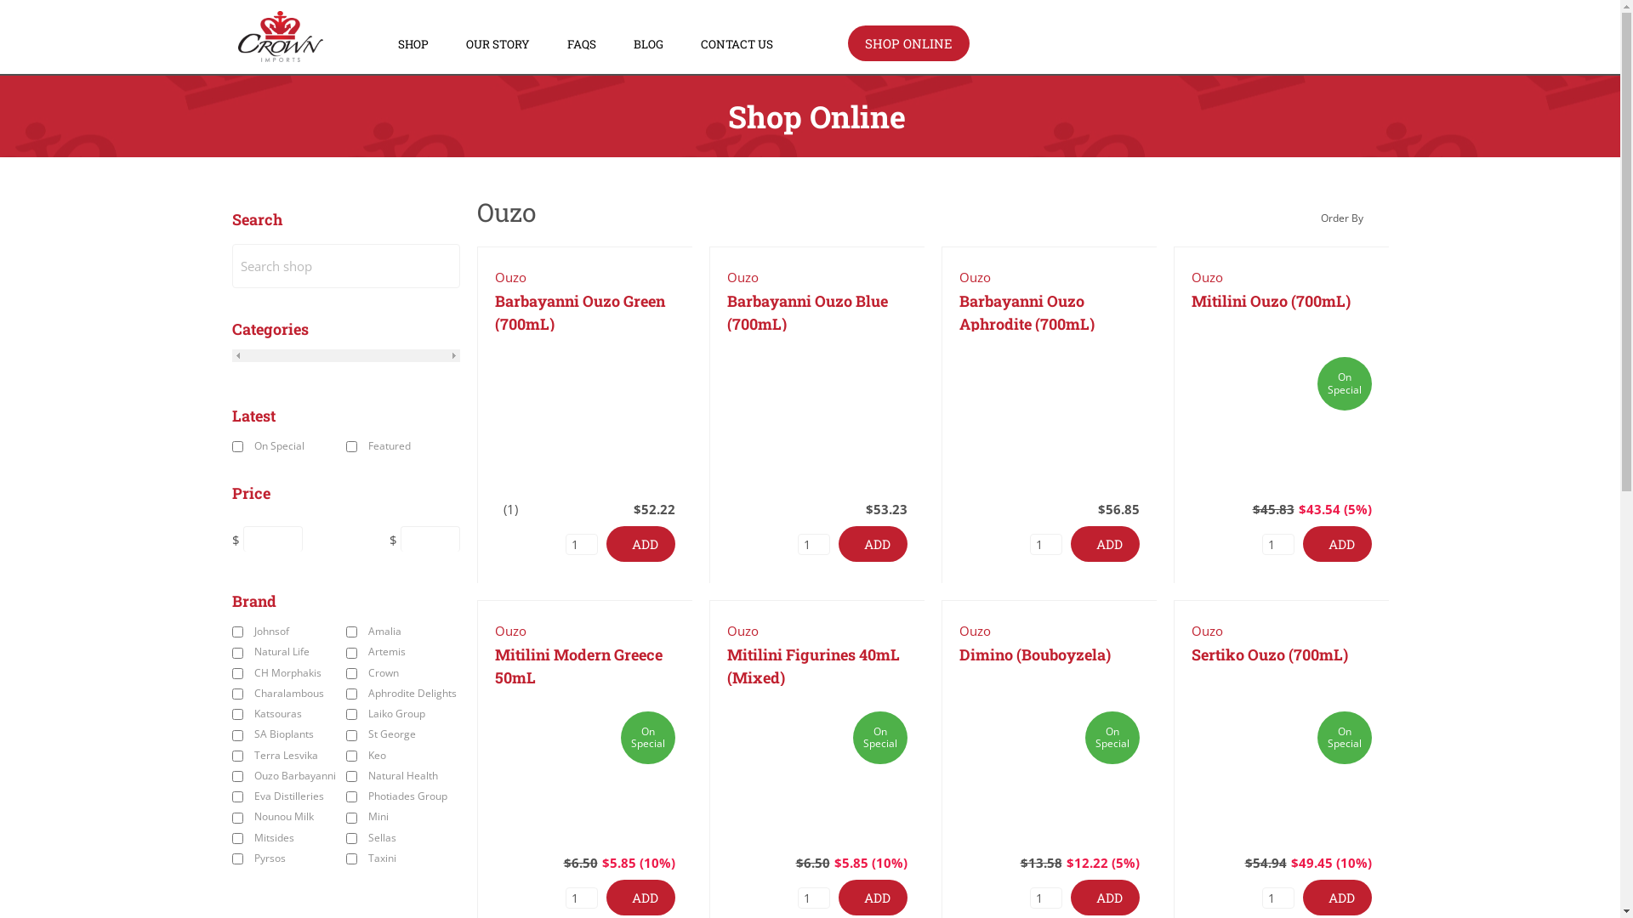 This screenshot has height=918, width=1633. I want to click on 'Crown Imports', so click(281, 55).